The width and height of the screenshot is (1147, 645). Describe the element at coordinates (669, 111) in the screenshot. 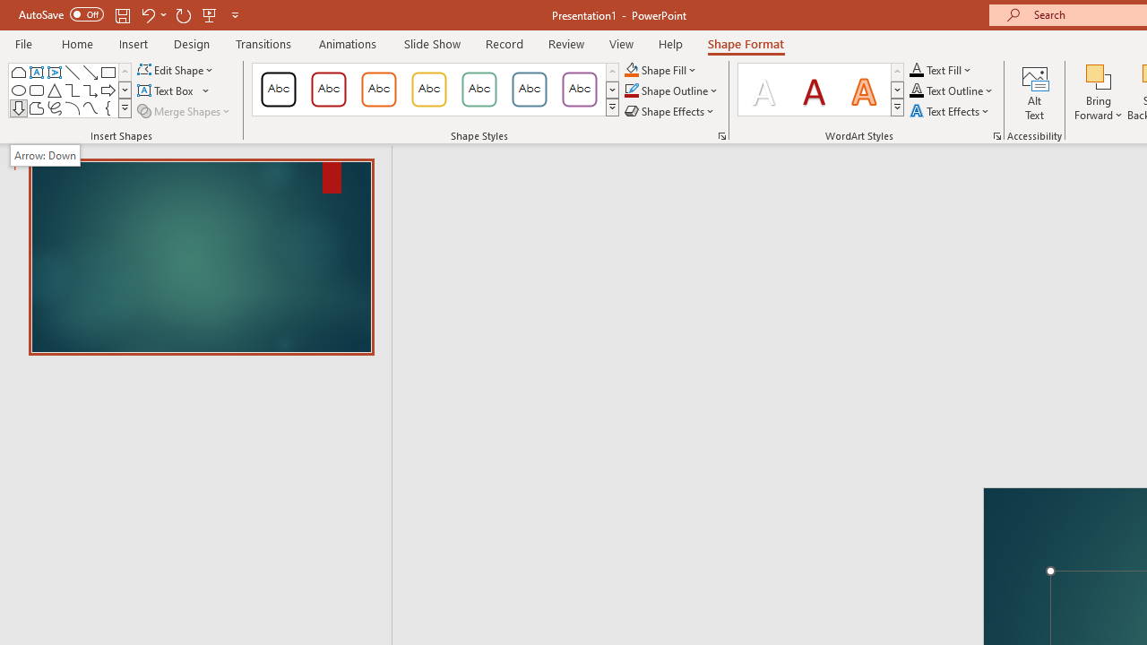

I see `'Shape Effects'` at that location.